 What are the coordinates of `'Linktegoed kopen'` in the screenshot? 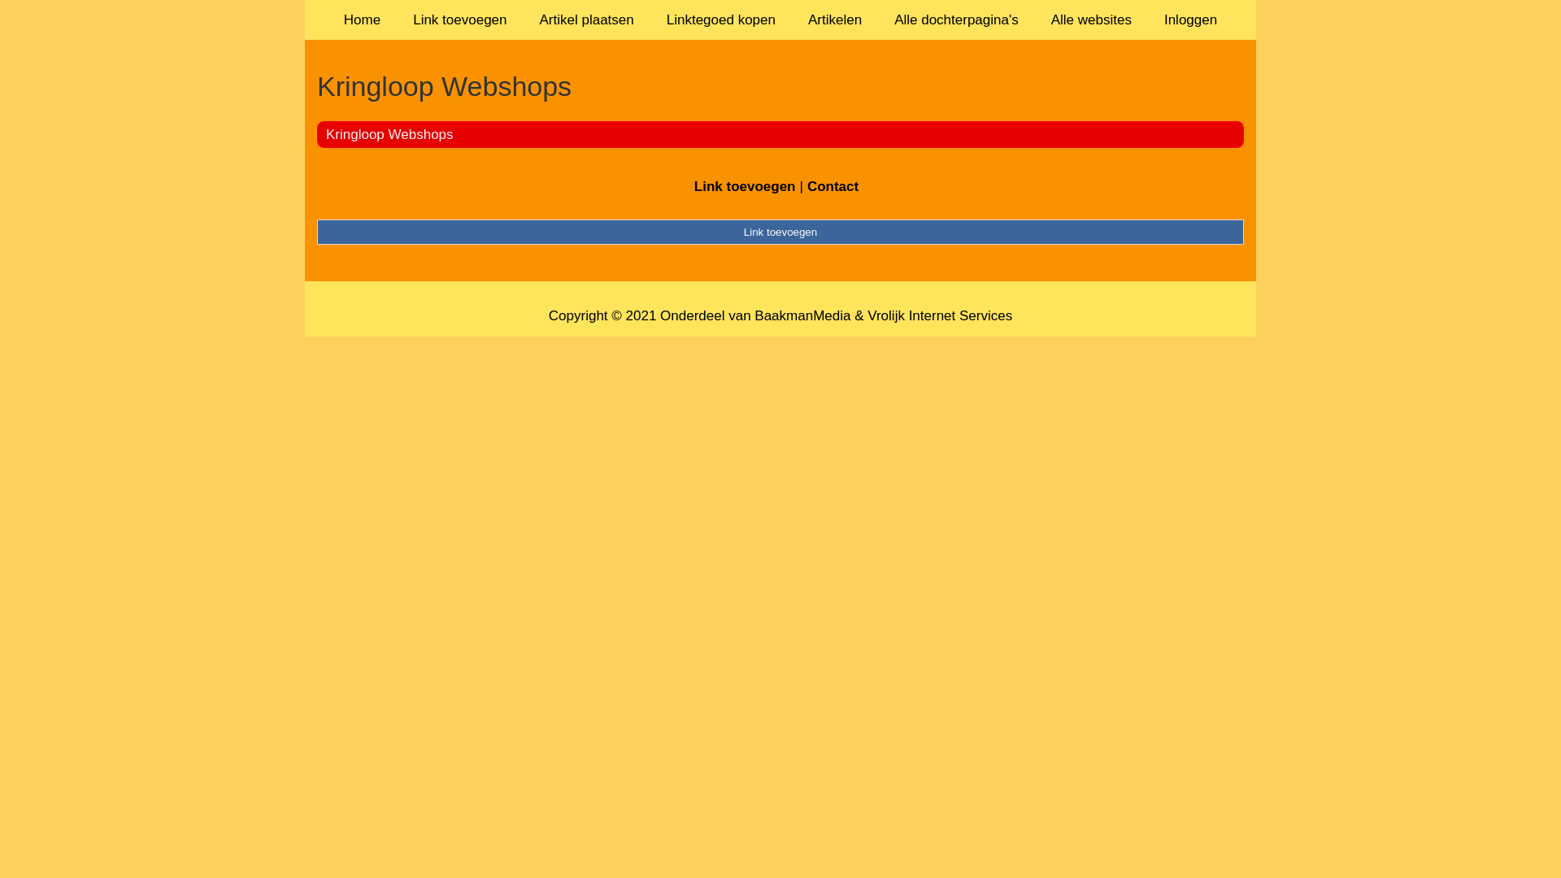 It's located at (720, 20).